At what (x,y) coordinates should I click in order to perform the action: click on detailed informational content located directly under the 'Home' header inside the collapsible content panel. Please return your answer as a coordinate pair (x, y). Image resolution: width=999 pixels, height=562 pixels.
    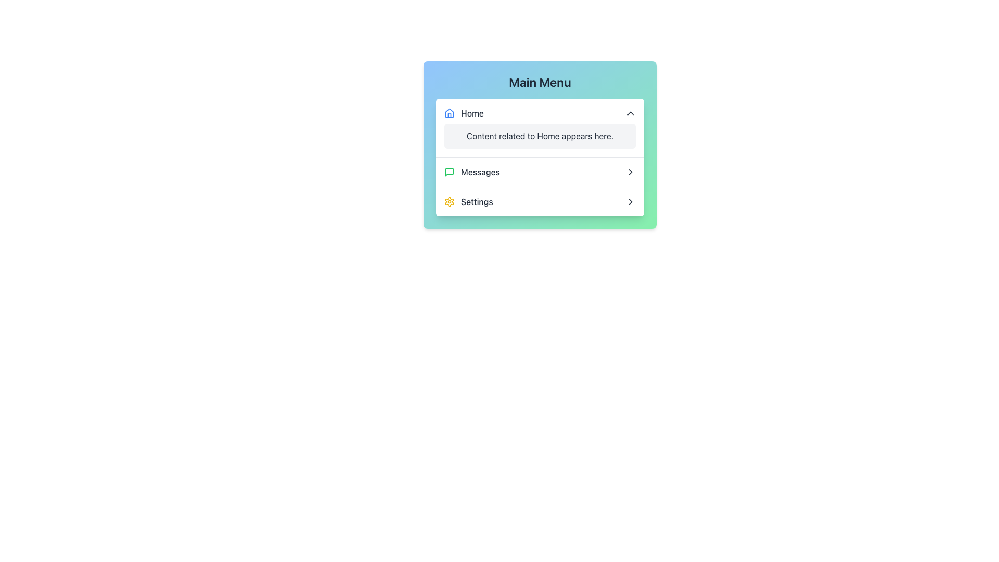
    Looking at the image, I should click on (540, 127).